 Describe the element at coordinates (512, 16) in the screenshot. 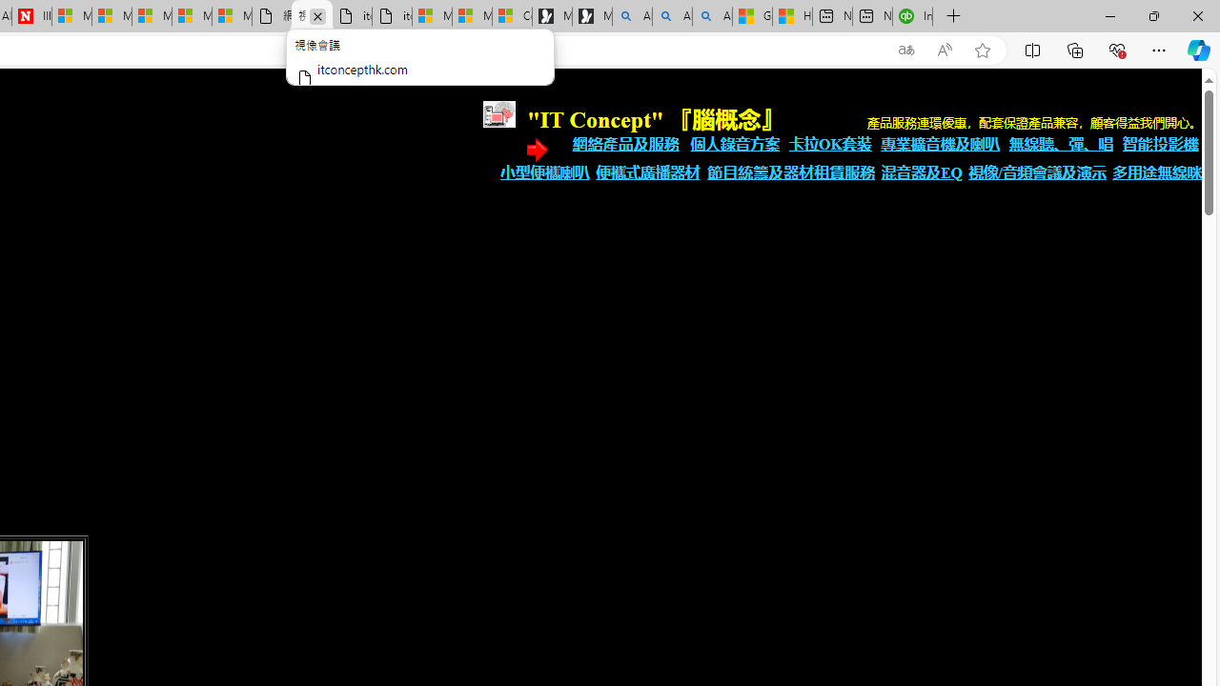

I see `'Consumer Health Data Privacy Policy'` at that location.